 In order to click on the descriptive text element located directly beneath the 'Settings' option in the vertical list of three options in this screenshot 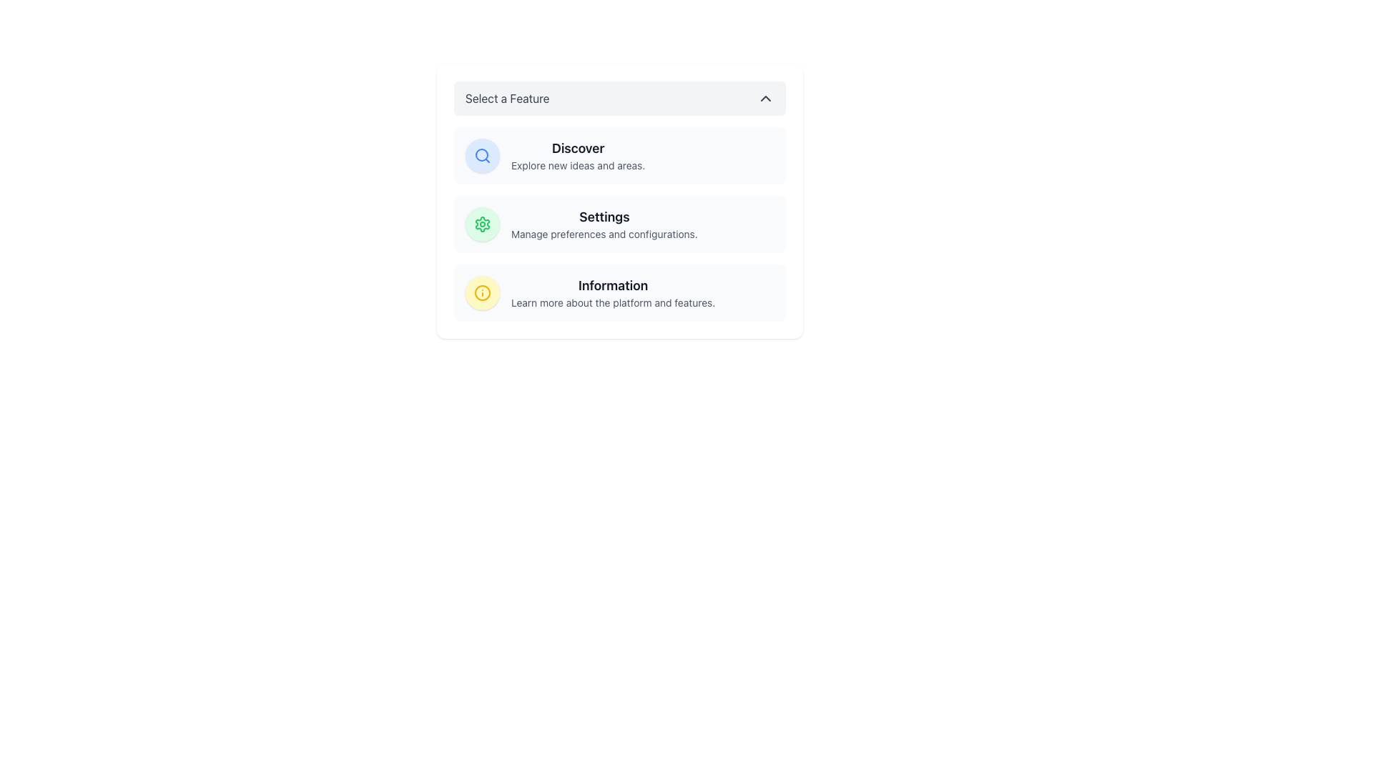, I will do `click(604, 233)`.